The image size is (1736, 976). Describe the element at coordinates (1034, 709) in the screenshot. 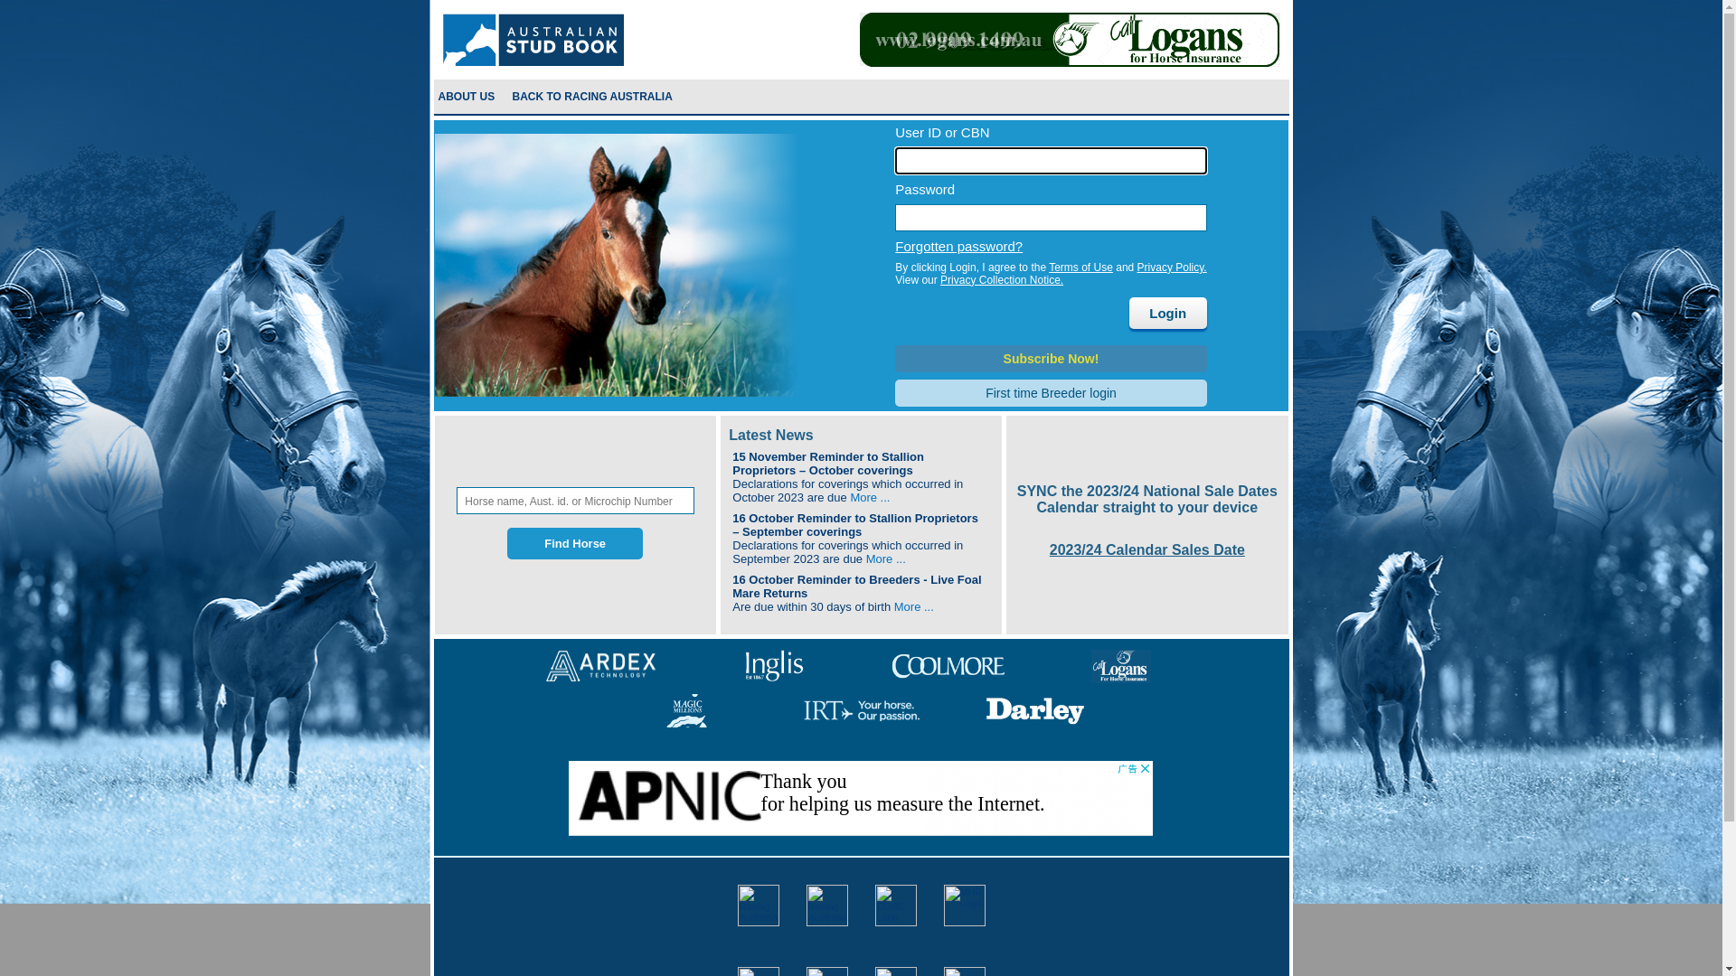

I see `'Darley'` at that location.